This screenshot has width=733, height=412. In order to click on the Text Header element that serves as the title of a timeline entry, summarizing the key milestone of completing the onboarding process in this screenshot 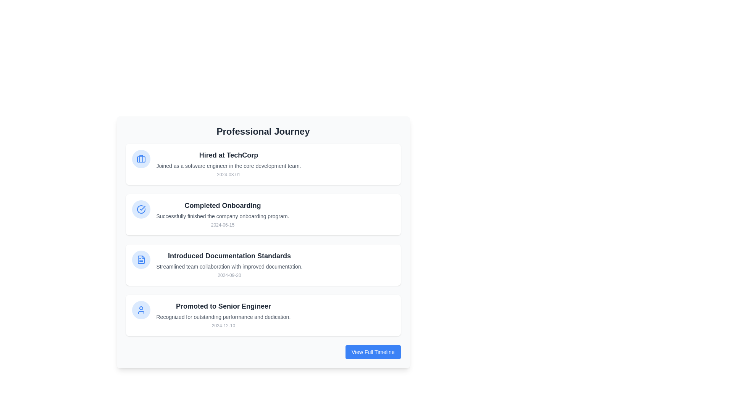, I will do `click(222, 205)`.